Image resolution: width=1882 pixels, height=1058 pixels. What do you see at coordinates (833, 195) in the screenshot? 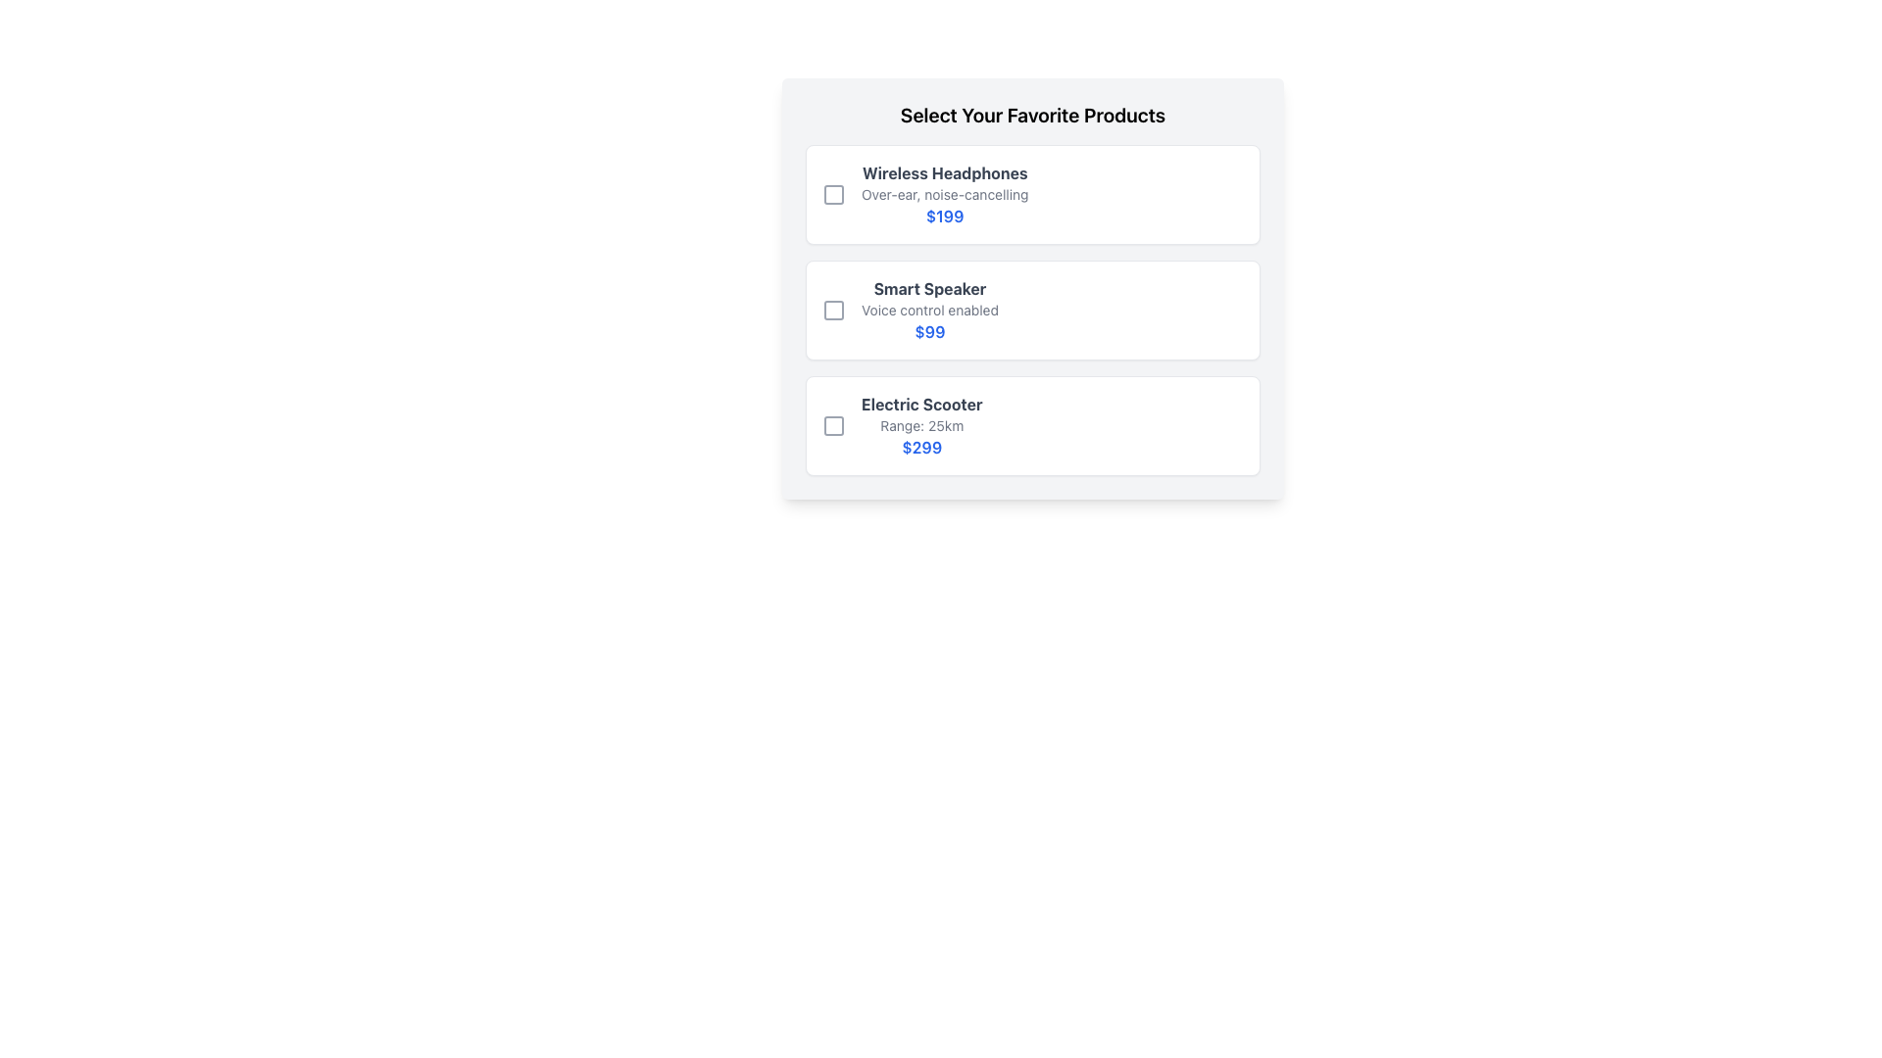
I see `the checkbox for 'Wireless Headphones'` at bounding box center [833, 195].